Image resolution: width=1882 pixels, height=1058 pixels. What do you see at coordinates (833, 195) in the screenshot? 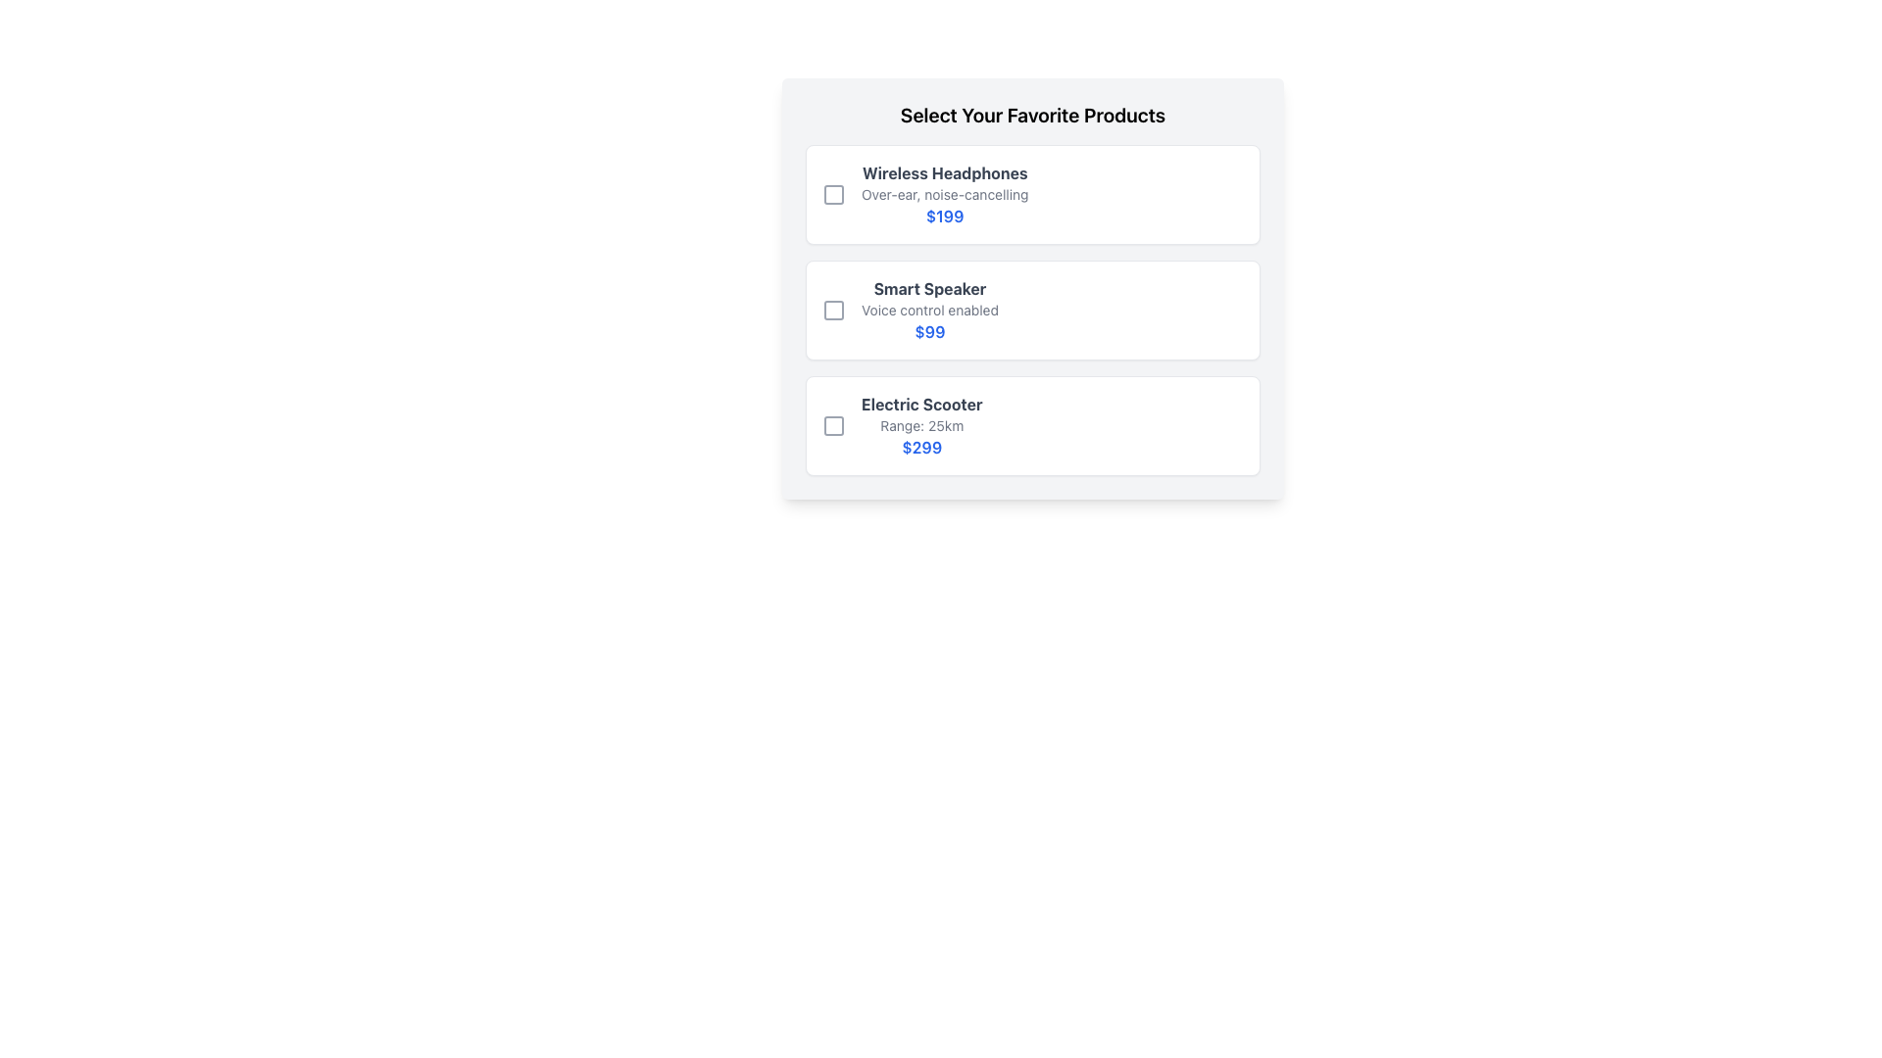
I see `the checkbox for 'Wireless Headphones'` at bounding box center [833, 195].